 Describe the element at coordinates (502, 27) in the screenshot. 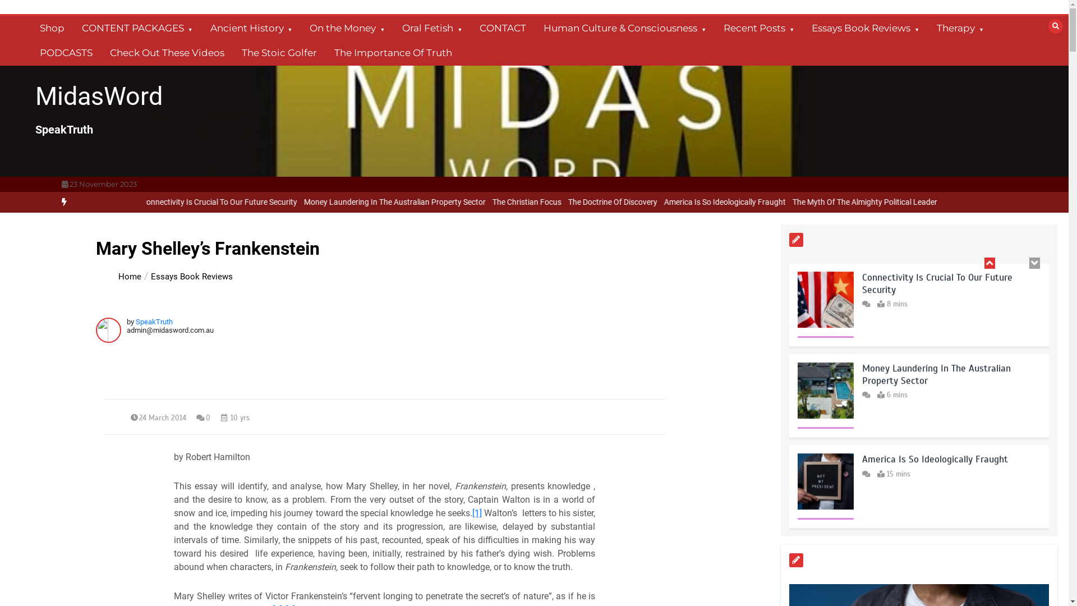

I see `'CONTACT'` at that location.